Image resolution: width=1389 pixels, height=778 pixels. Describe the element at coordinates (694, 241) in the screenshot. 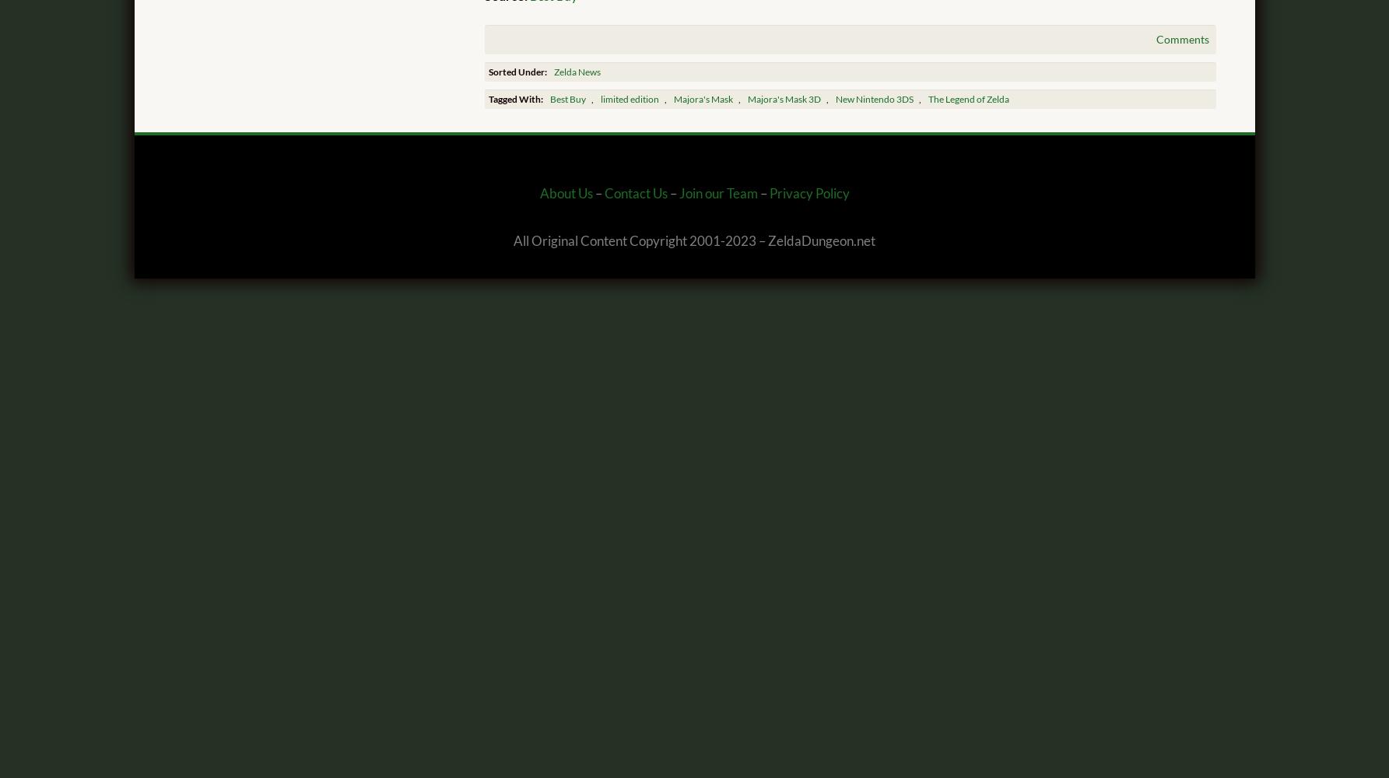

I see `'All Original Content Copyright 2001-2023 – ZeldaDungeon.net'` at that location.